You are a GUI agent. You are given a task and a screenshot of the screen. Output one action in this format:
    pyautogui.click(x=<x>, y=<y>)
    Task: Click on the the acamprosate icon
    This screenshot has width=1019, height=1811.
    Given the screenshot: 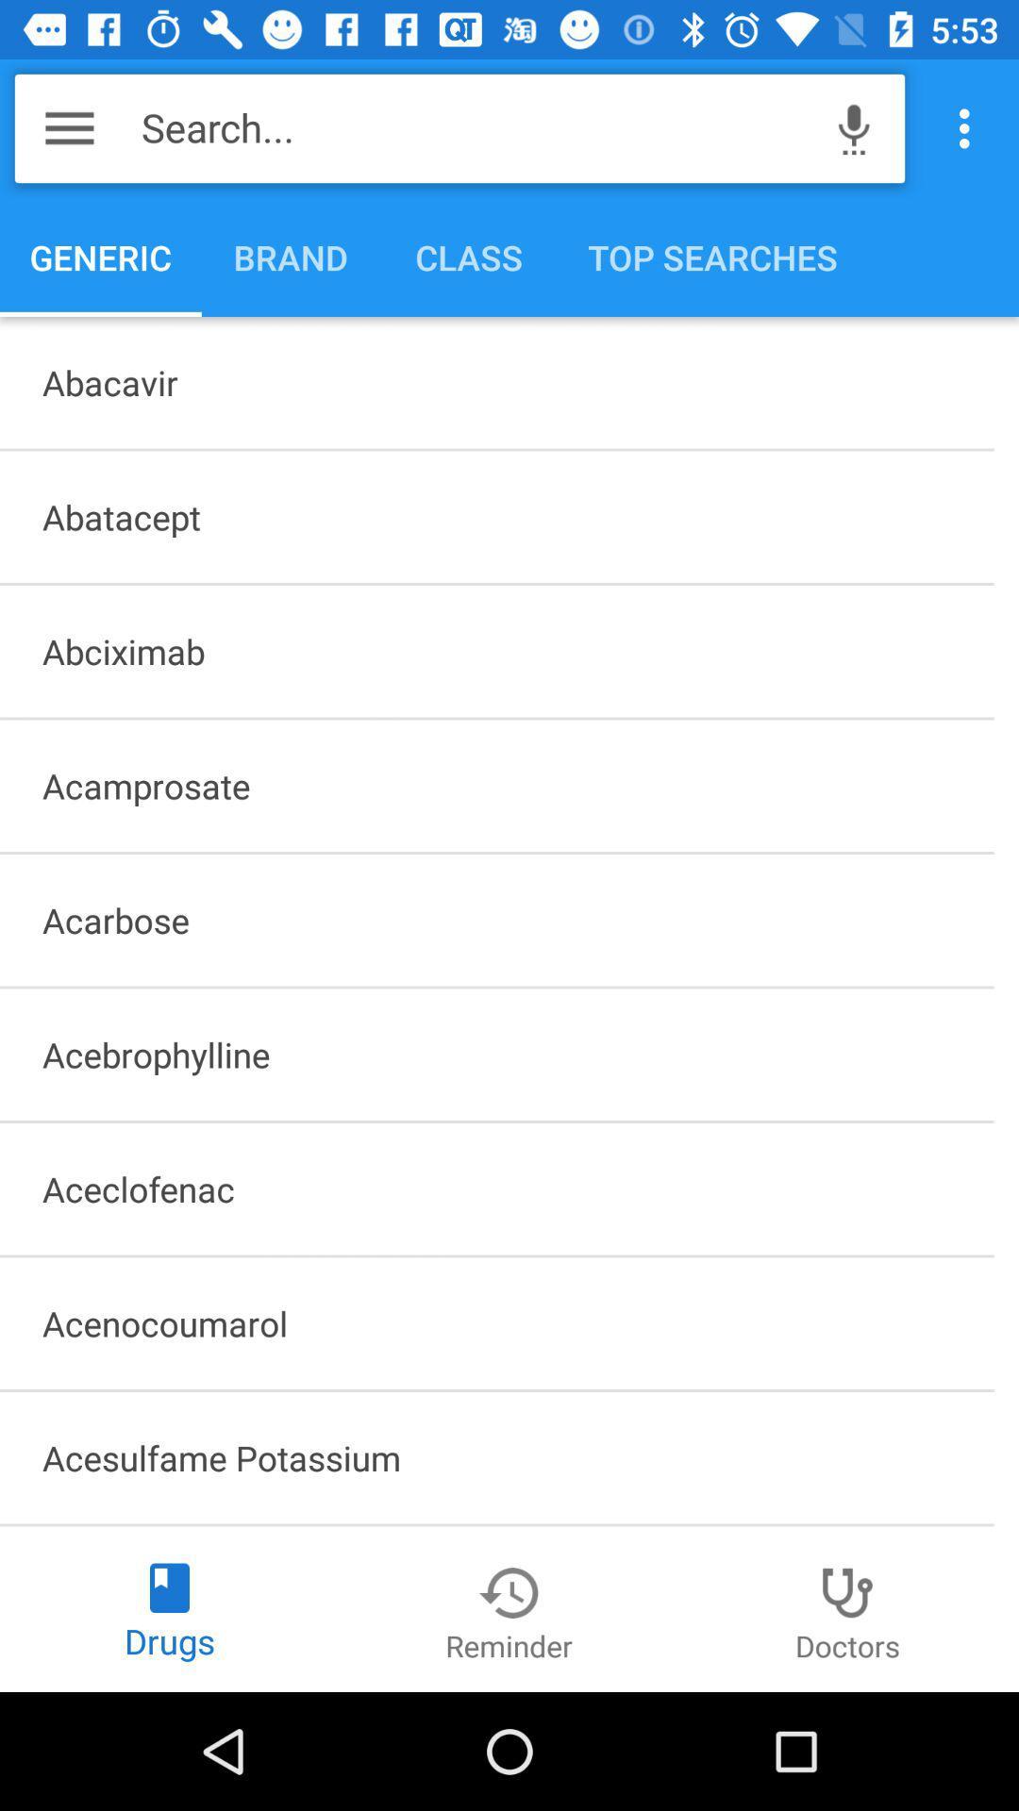 What is the action you would take?
    pyautogui.click(x=495, y=786)
    